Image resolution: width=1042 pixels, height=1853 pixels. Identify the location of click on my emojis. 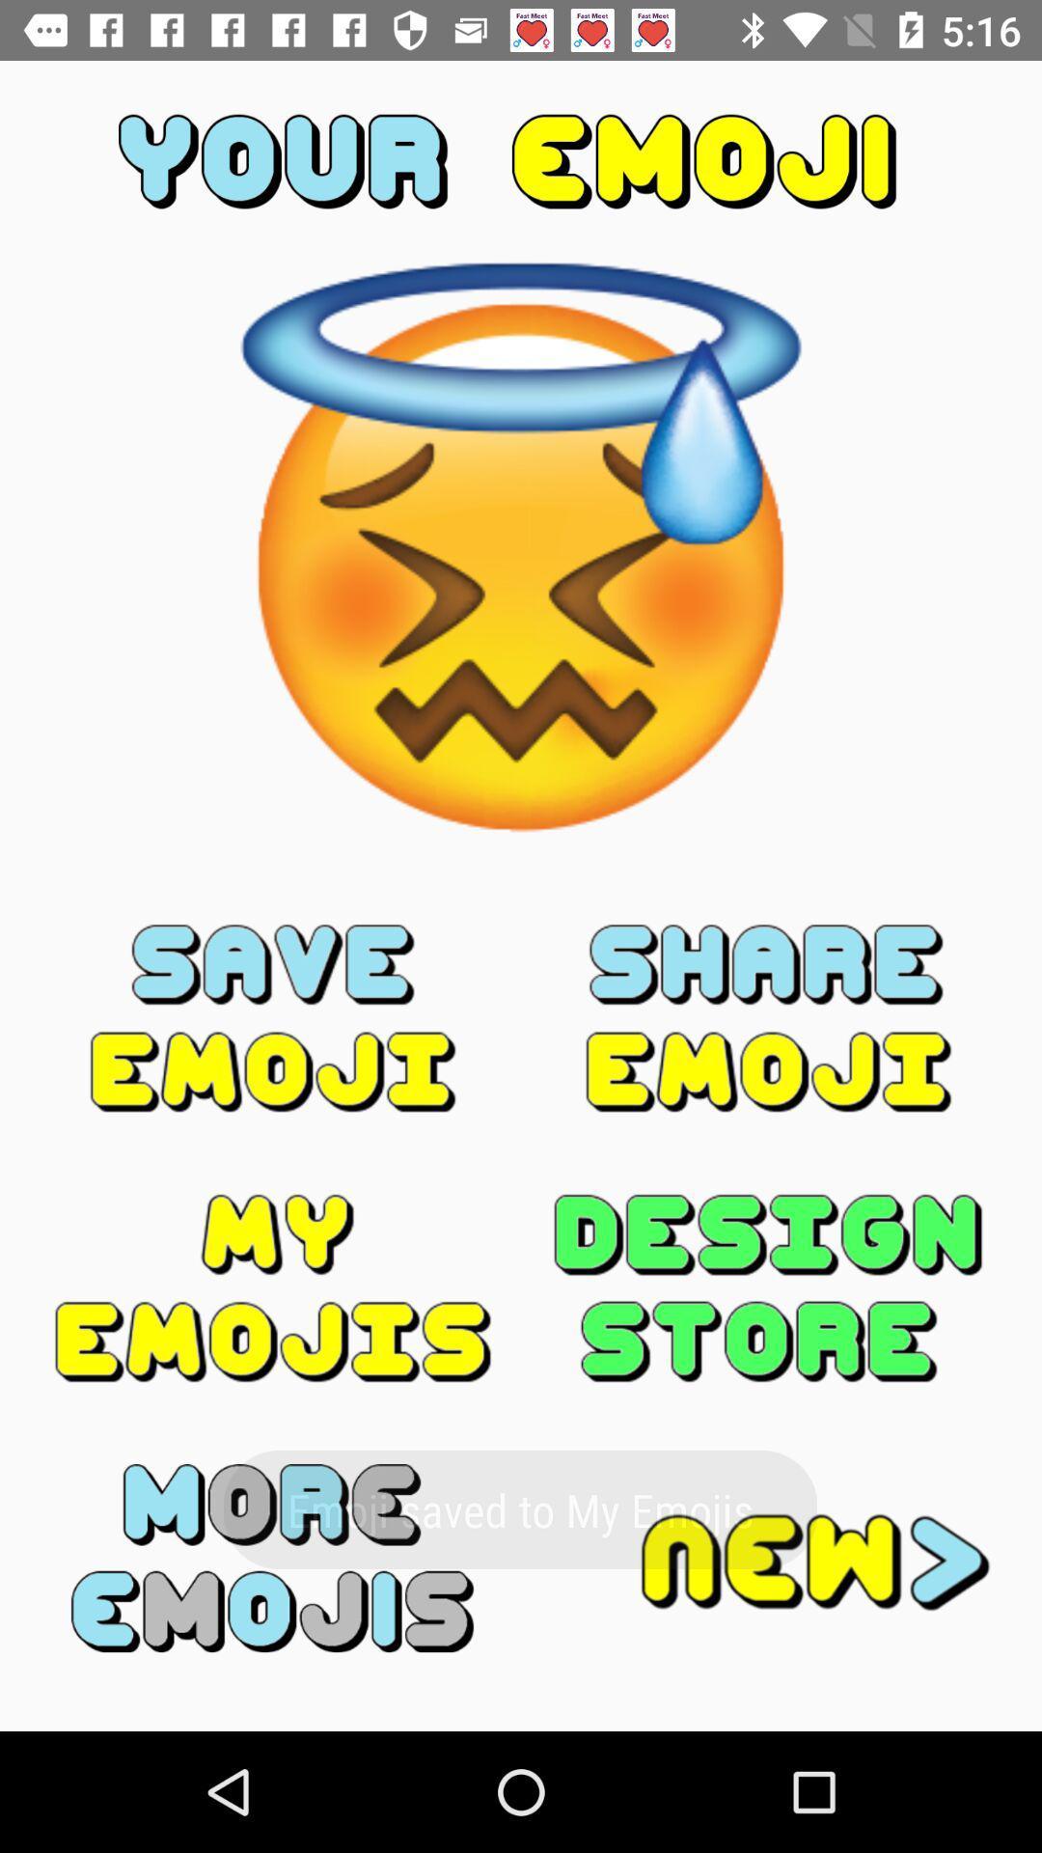
(273, 1287).